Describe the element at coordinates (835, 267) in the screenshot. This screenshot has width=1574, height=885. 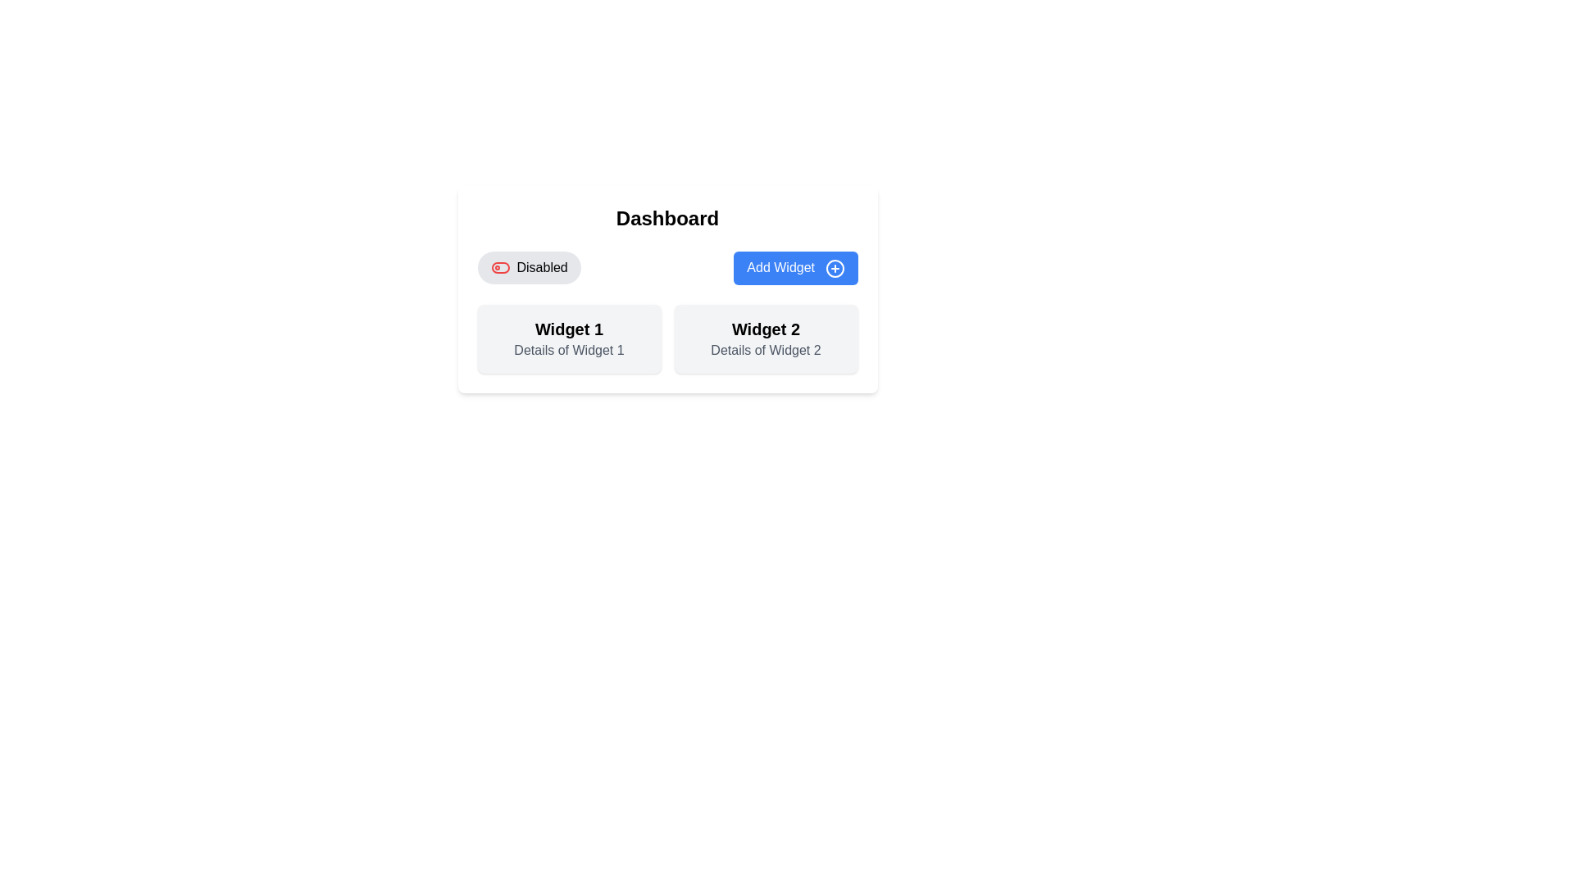
I see `the circular '+' icon located to the right of the 'Add Widget' button, which is styled in line art design and matches the button's color` at that location.